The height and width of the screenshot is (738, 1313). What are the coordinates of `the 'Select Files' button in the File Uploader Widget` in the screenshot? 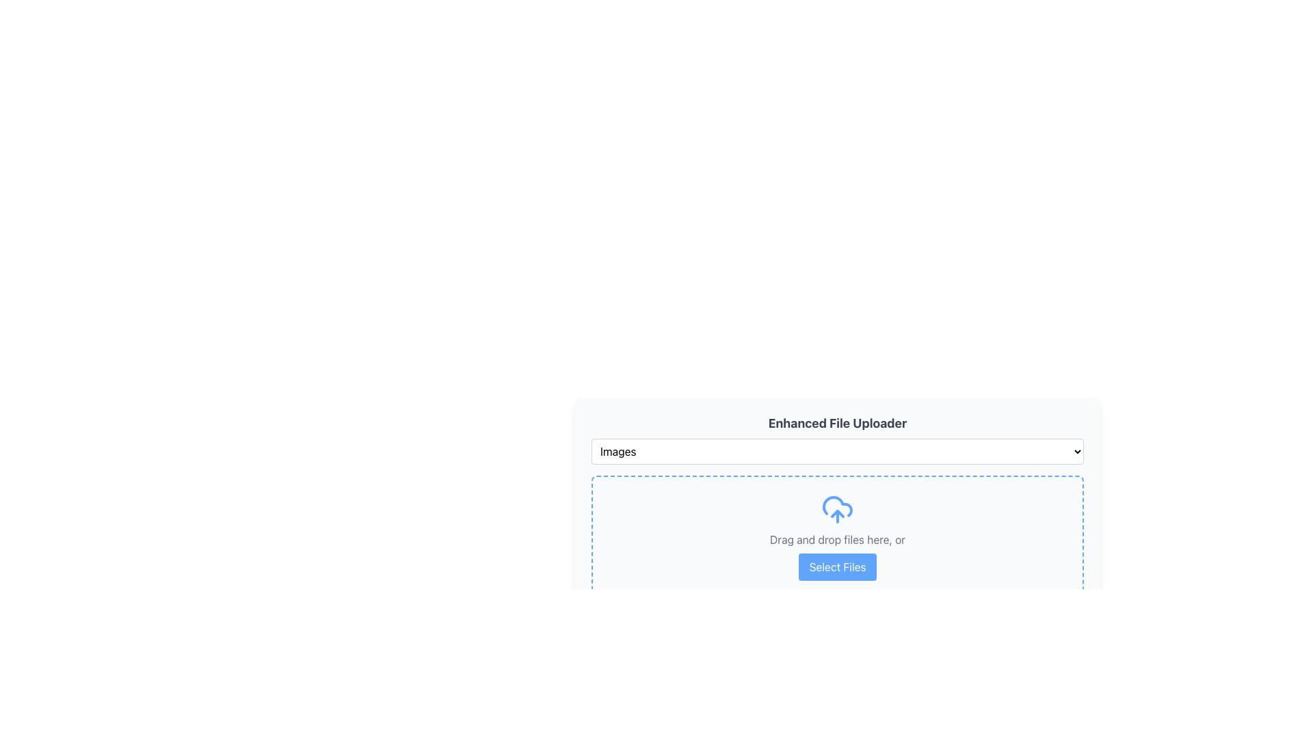 It's located at (836, 511).